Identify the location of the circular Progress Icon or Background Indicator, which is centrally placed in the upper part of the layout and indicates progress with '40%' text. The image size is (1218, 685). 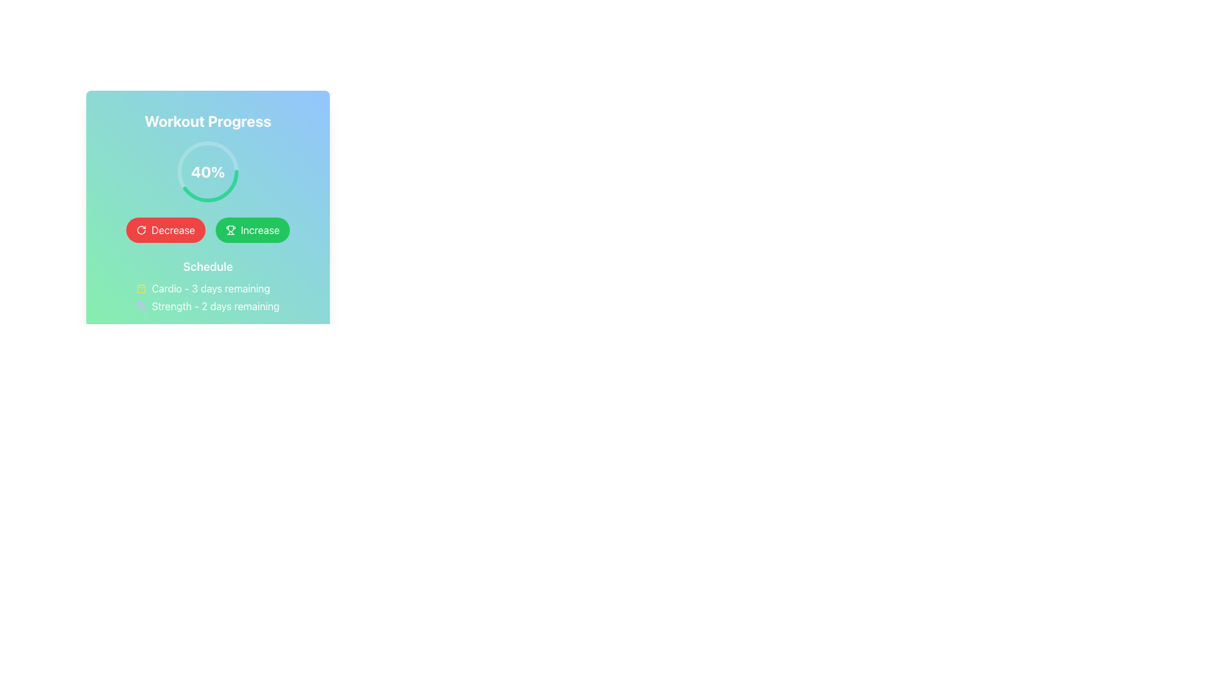
(207, 171).